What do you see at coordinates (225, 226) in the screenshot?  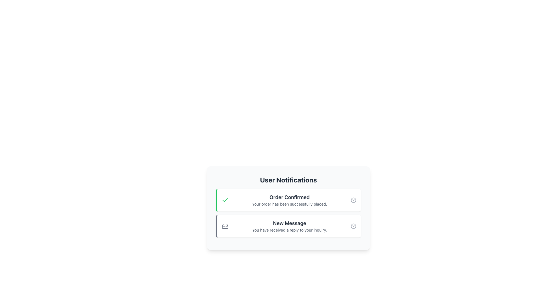 I see `the SVG graphic component located in the second row of the notifications list, positioned to the left of the 'New Message' label` at bounding box center [225, 226].